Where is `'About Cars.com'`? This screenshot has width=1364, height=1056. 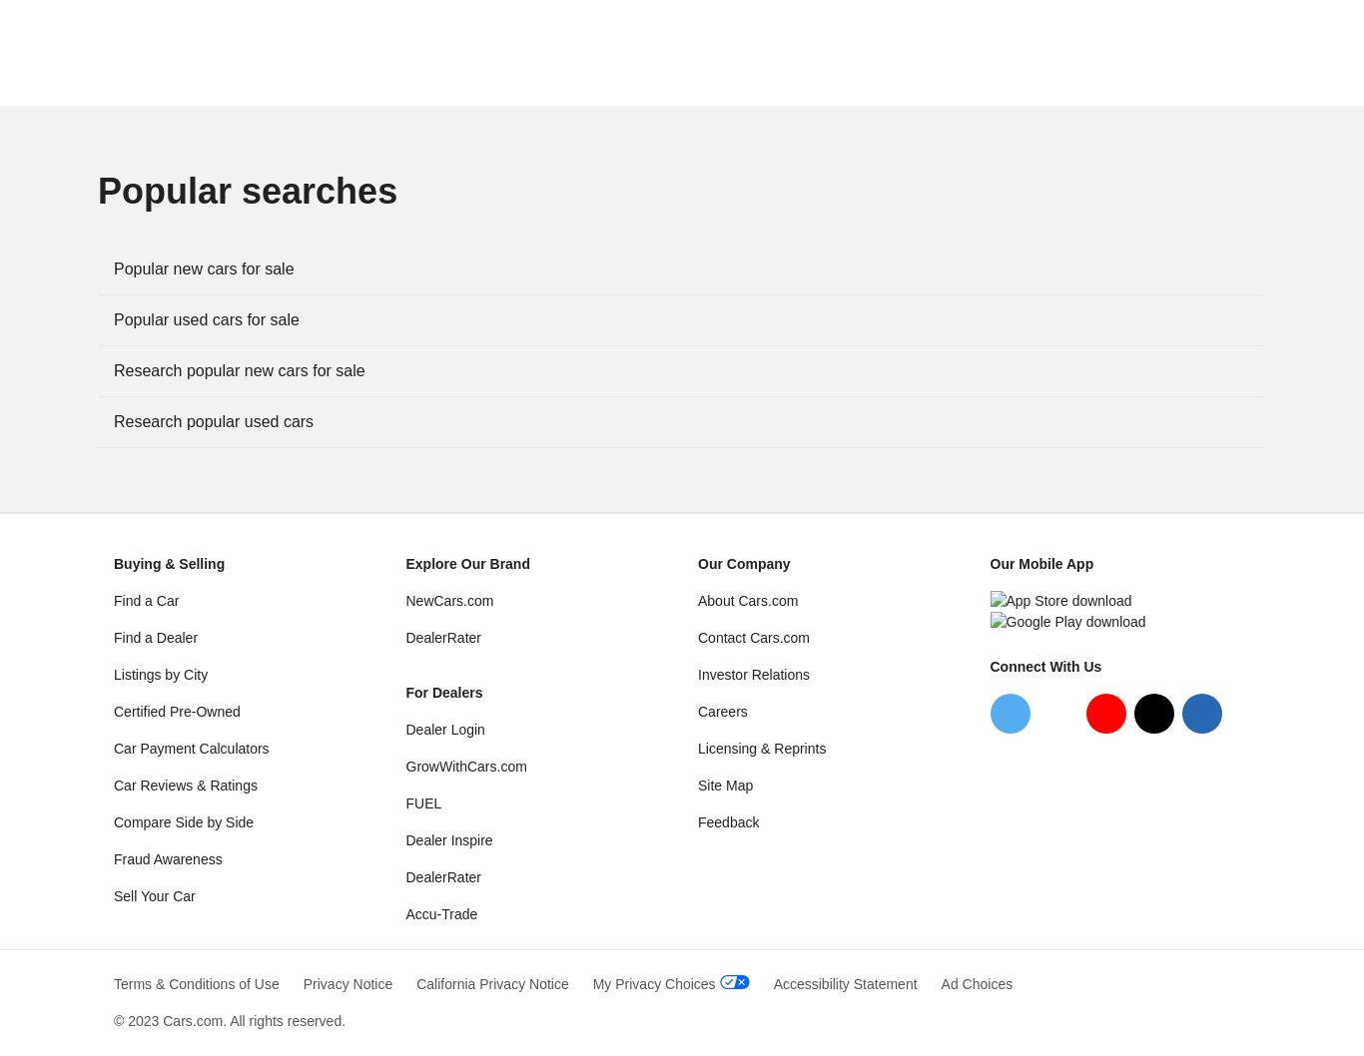 'About Cars.com' is located at coordinates (747, 600).